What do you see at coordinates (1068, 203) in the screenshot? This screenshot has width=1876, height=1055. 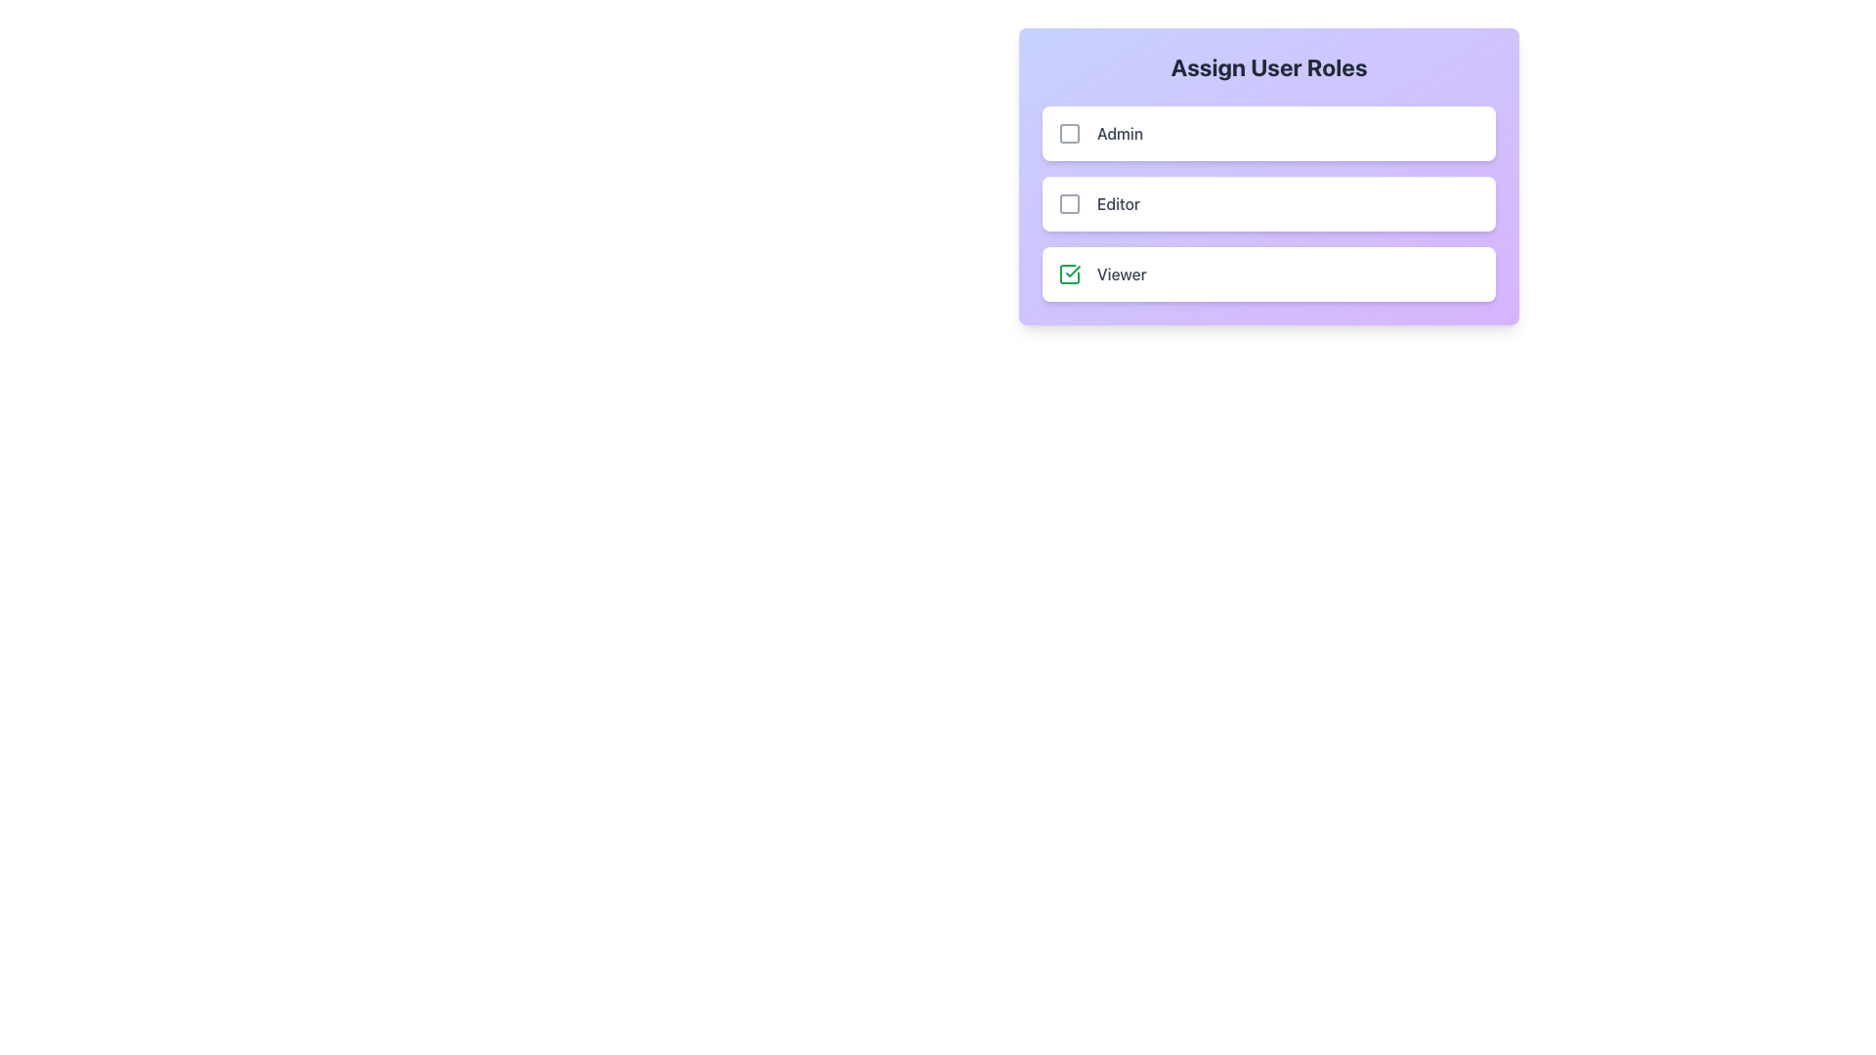 I see `the square-shaped icon outlined with a thin black stroke, located next to the text 'Editor' in the list of options` at bounding box center [1068, 203].